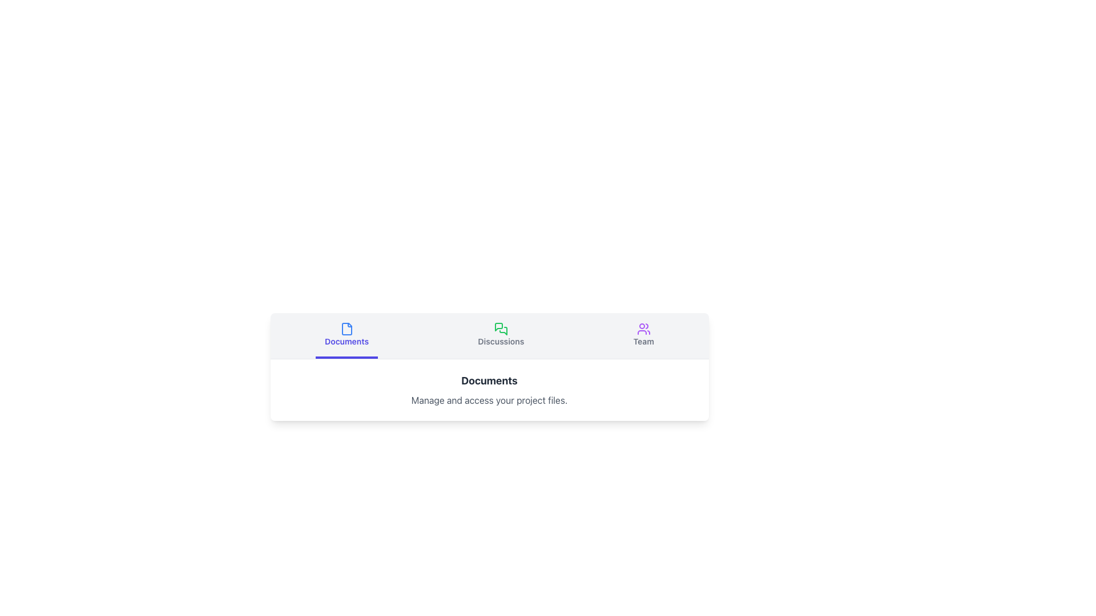 The width and height of the screenshot is (1096, 616). What do you see at coordinates (346, 341) in the screenshot?
I see `the 'Documents' text label, which is styled in blue and located below a file icon in the navigation tab bar` at bounding box center [346, 341].